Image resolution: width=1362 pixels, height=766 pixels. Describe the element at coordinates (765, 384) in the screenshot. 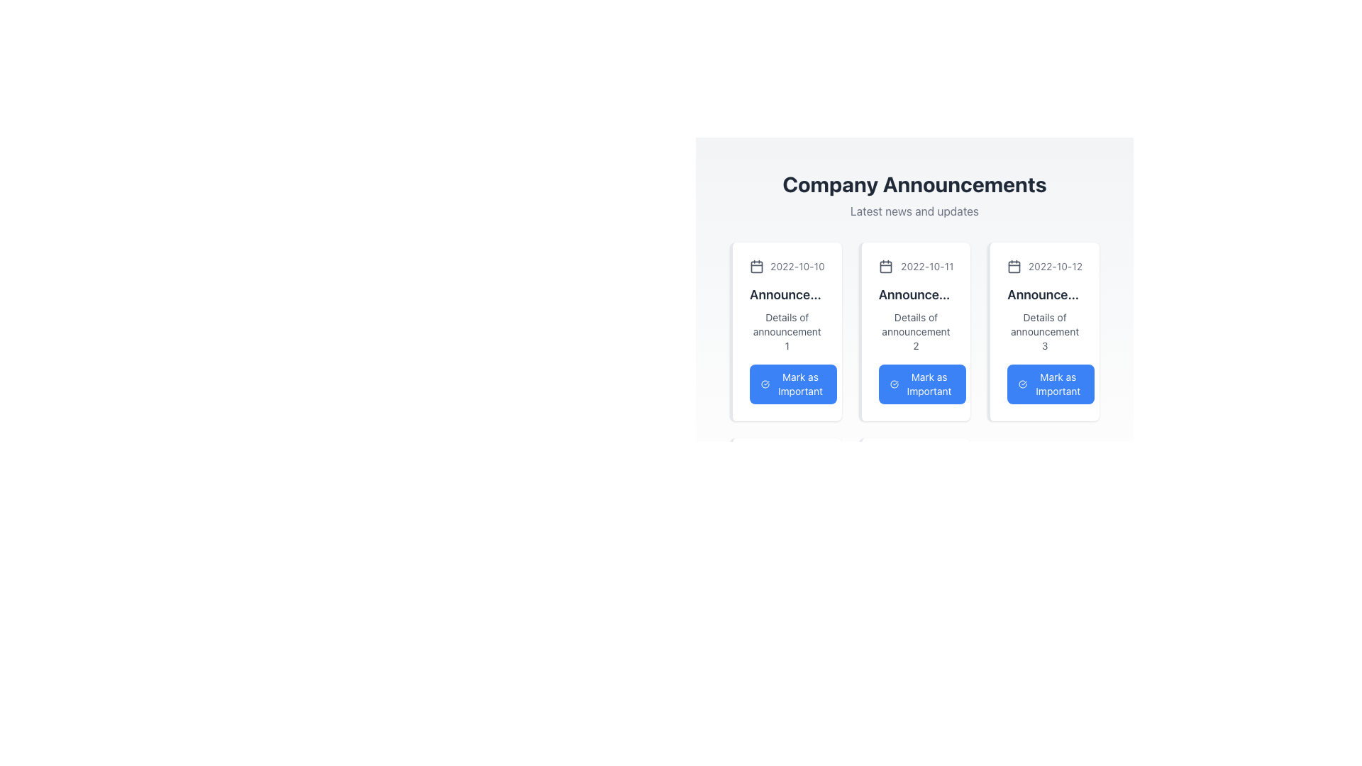

I see `the circular checkmark icon inside the blue button labeled 'Mark as Important'` at that location.